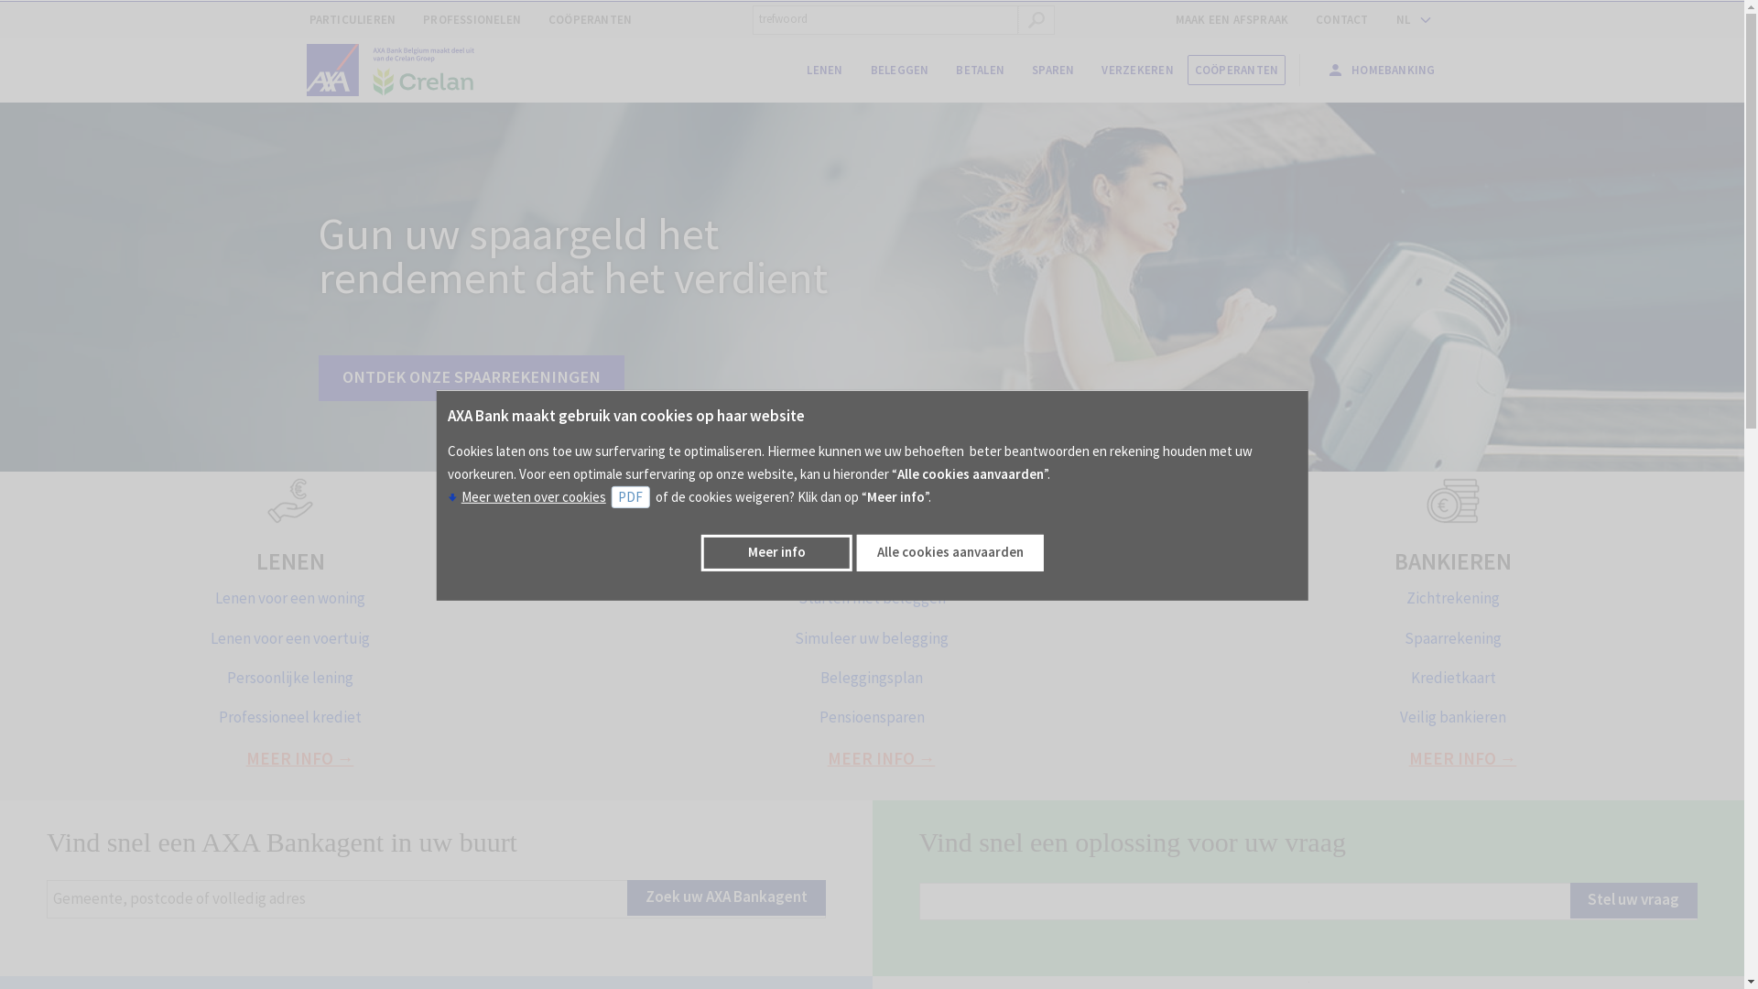  What do you see at coordinates (856, 552) in the screenshot?
I see `'Alle cookies aanvaarden'` at bounding box center [856, 552].